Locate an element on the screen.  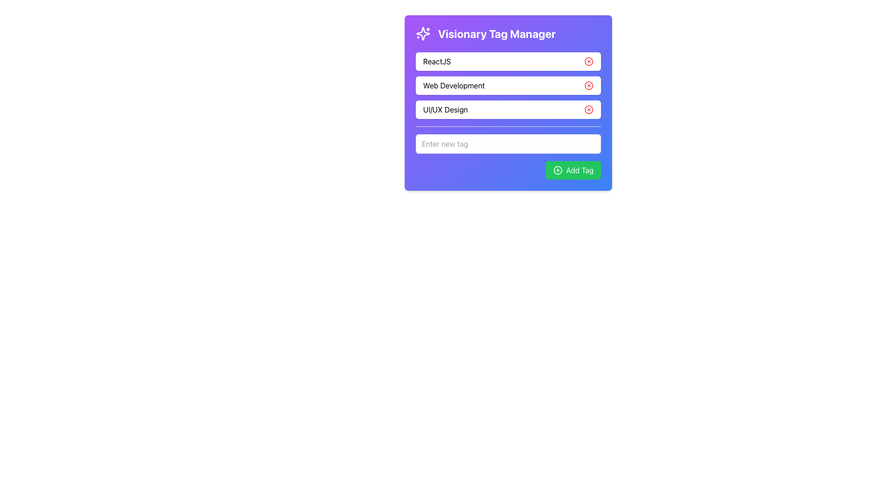
the circular SVG element that serves as the close button for the 'Web Development' tag, which is centrally placed within its bounding box is located at coordinates (588, 86).